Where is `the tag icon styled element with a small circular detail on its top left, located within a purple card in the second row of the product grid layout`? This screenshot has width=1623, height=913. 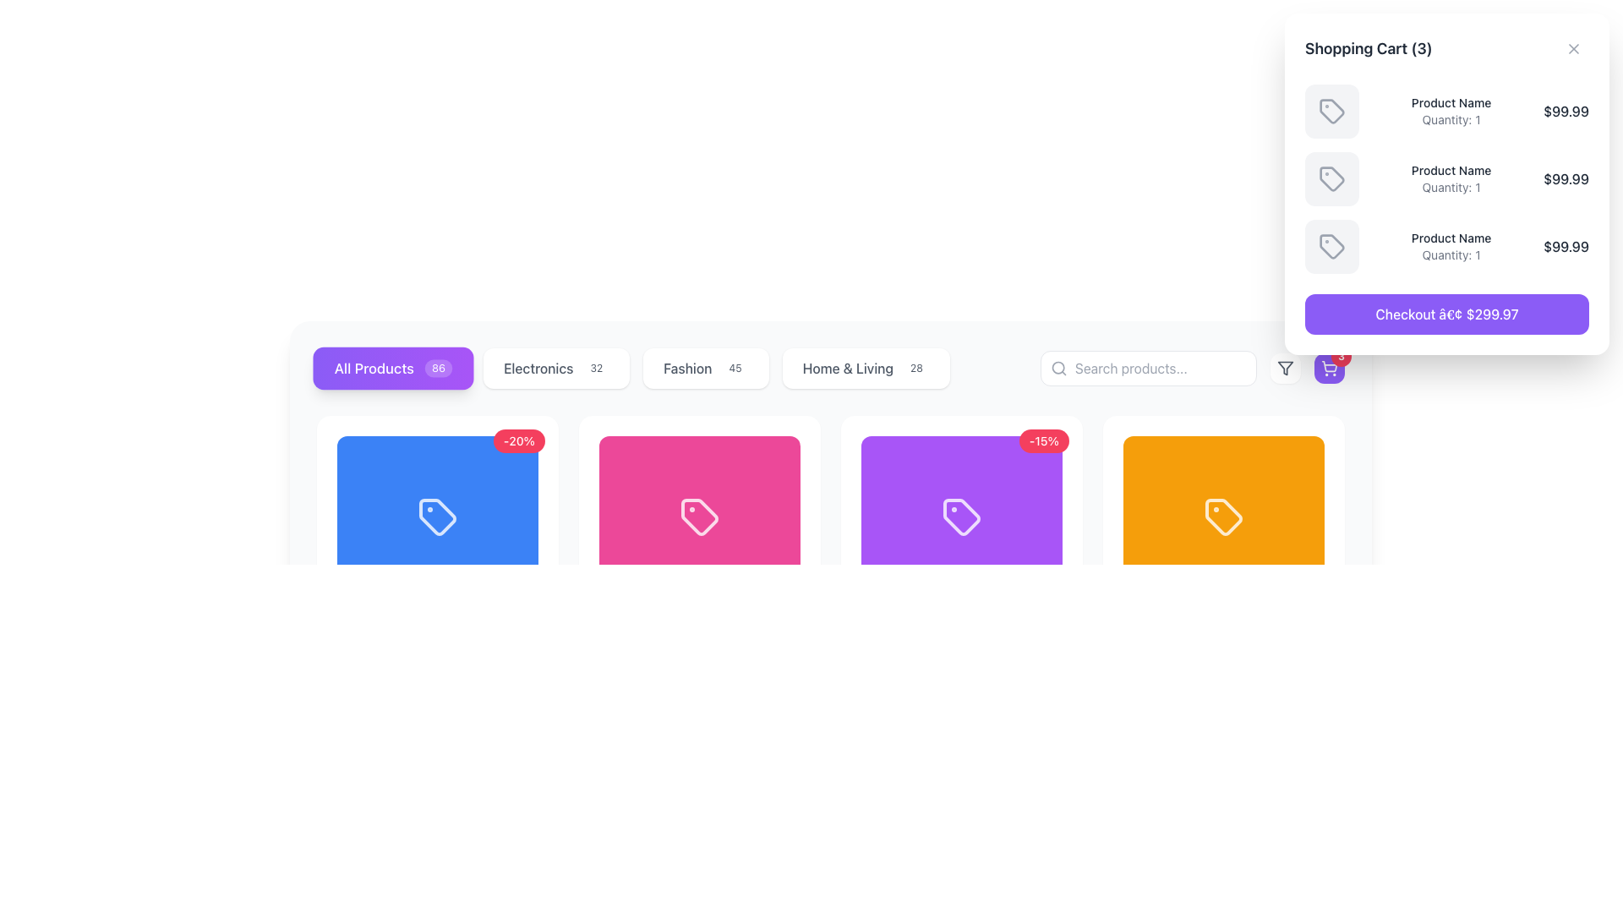 the tag icon styled element with a small circular detail on its top left, located within a purple card in the second row of the product grid layout is located at coordinates (961, 517).